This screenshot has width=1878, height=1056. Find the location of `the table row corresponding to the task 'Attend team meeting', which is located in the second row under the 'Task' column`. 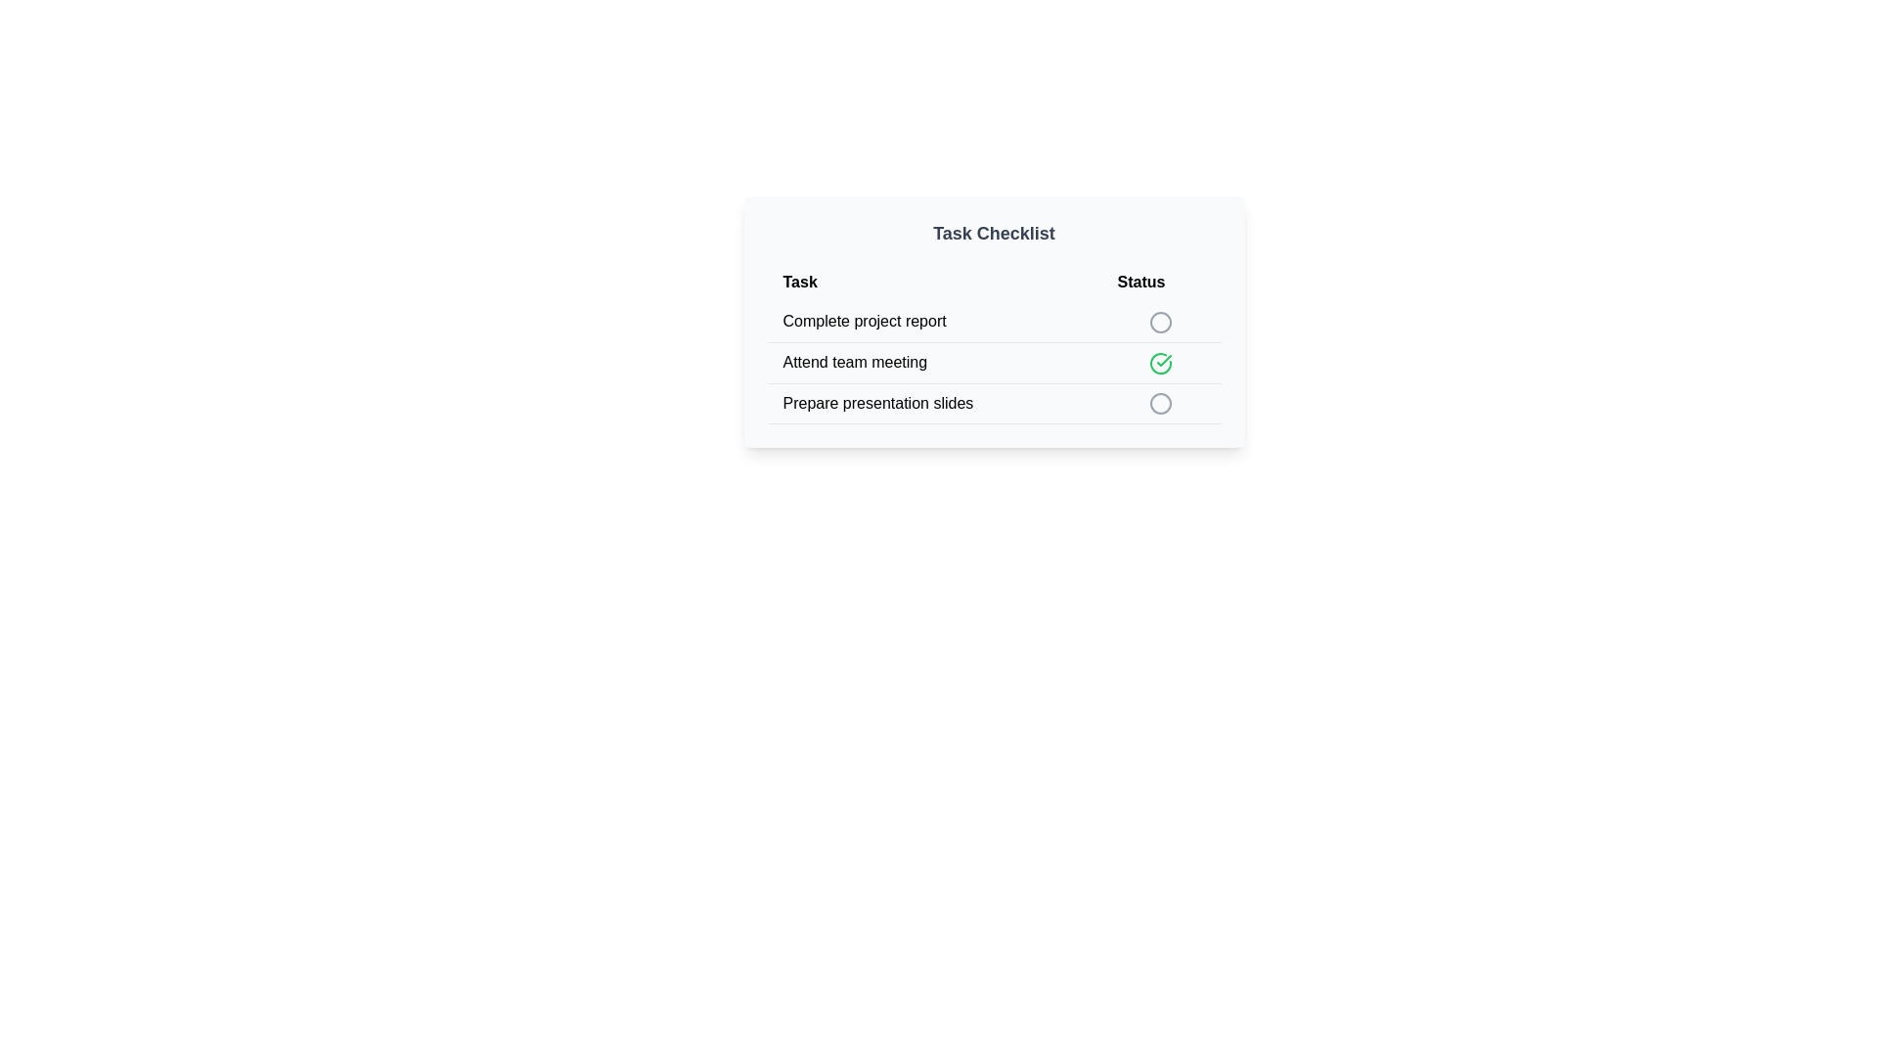

the table row corresponding to the task 'Attend team meeting', which is located in the second row under the 'Task' column is located at coordinates (994, 363).